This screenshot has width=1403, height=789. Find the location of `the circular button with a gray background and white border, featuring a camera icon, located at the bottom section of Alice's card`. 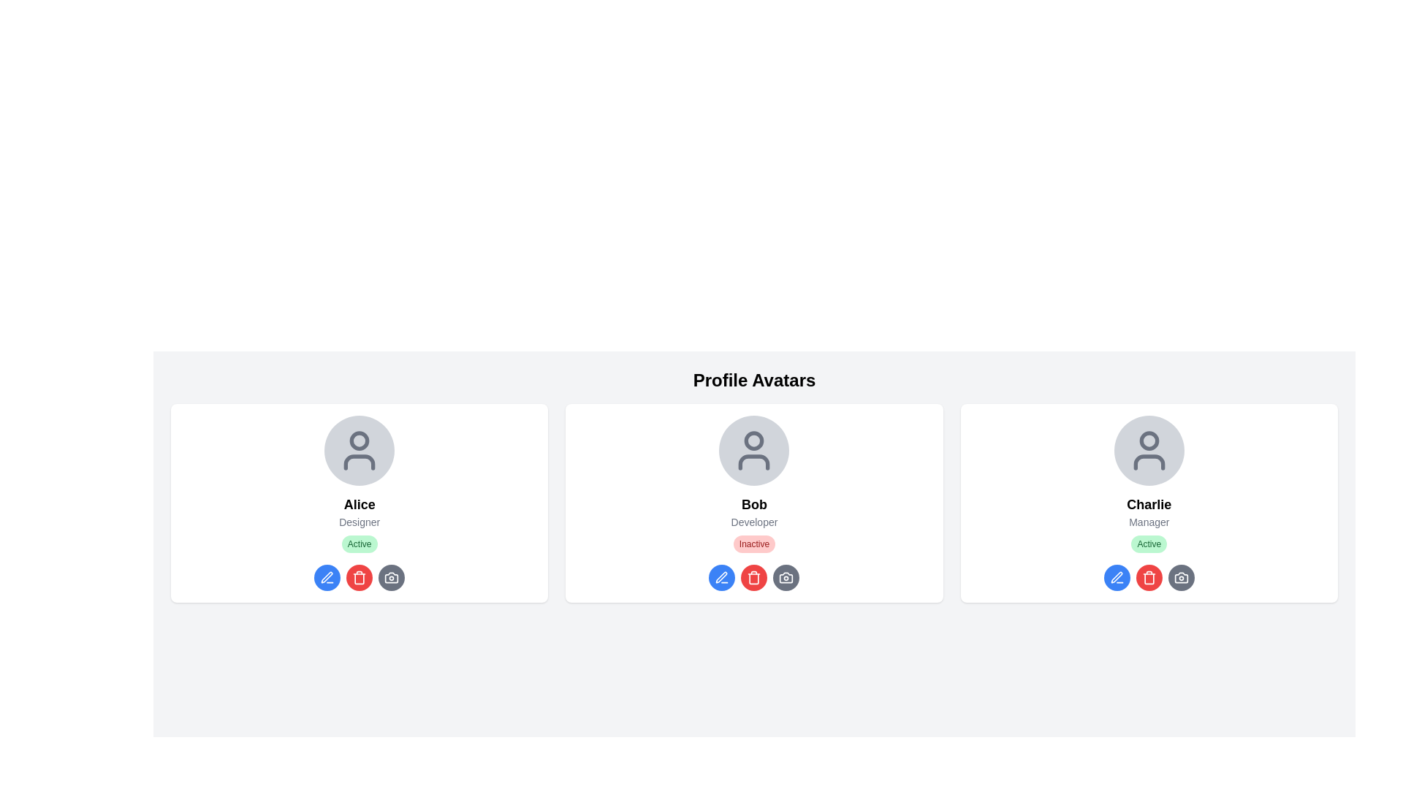

the circular button with a gray background and white border, featuring a camera icon, located at the bottom section of Alice's card is located at coordinates (392, 576).